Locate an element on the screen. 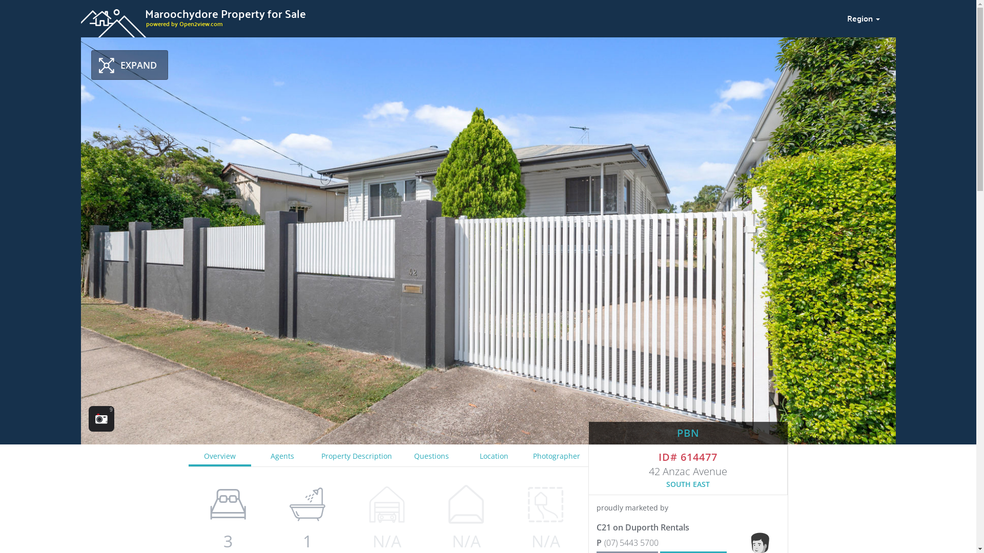 The image size is (984, 553). 'Overview' is located at coordinates (219, 455).